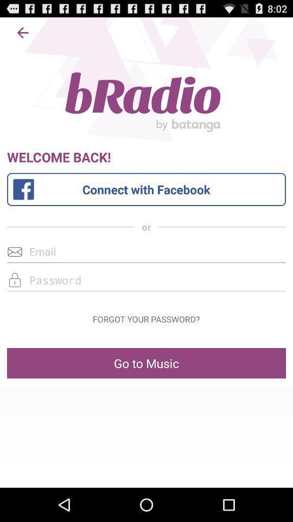 This screenshot has width=293, height=522. Describe the element at coordinates (146, 189) in the screenshot. I see `the connect with facebook` at that location.